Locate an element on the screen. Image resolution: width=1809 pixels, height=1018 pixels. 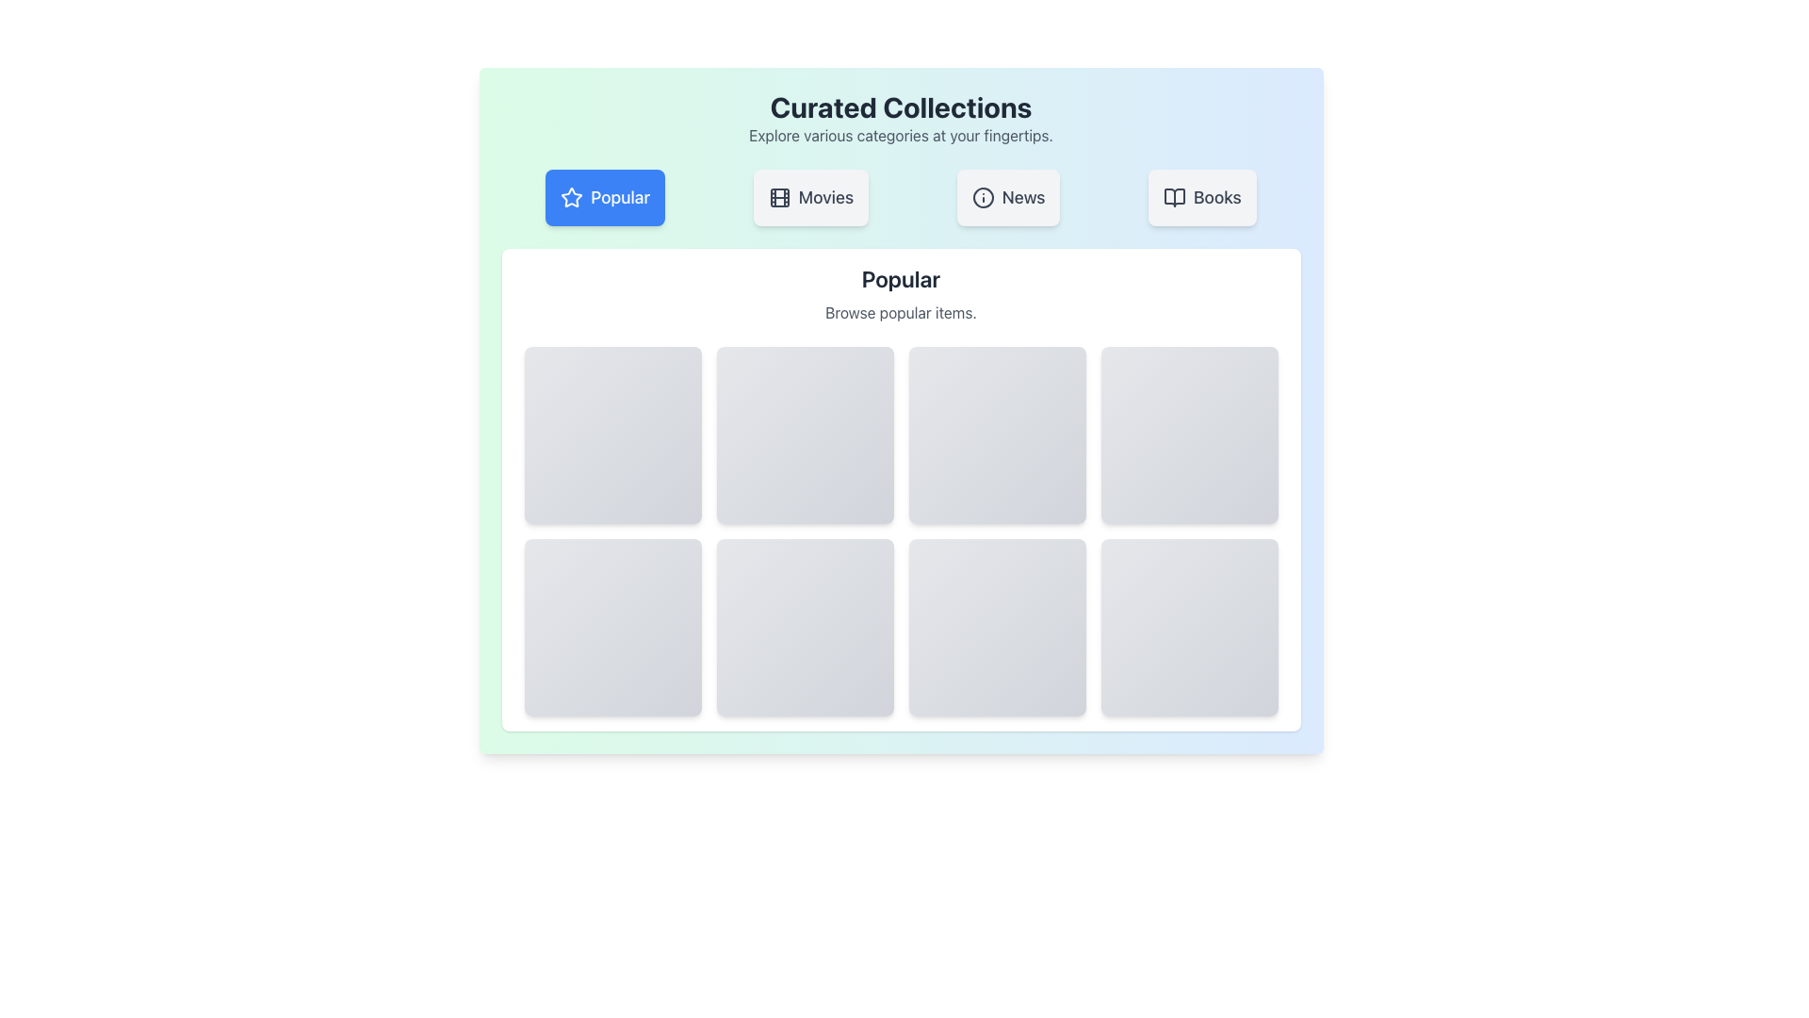
the Text Label displaying 'Curated Collections', which is located above the text 'Explore various categories at your fingertips.' is located at coordinates (900, 107).